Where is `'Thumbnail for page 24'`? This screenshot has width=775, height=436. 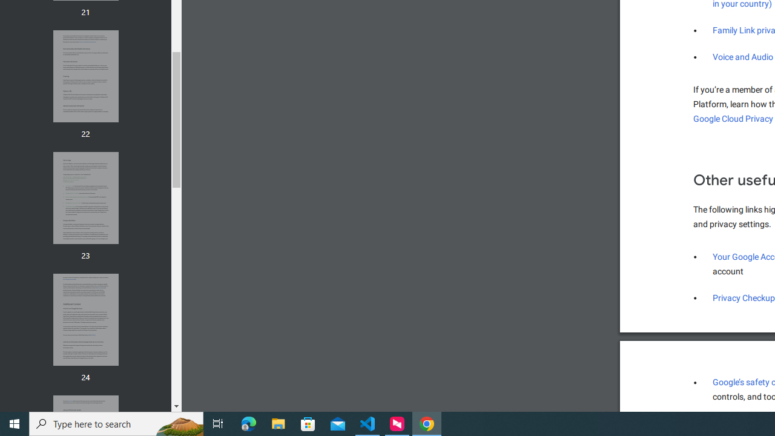
'Thumbnail for page 24' is located at coordinates (85, 319).